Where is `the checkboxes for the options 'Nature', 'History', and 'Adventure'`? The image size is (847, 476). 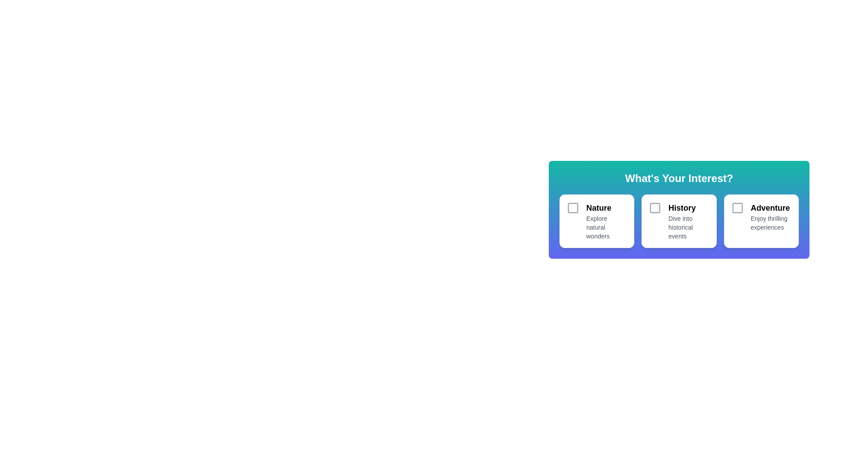
the checkboxes for the options 'Nature', 'History', and 'Adventure' is located at coordinates (678, 209).